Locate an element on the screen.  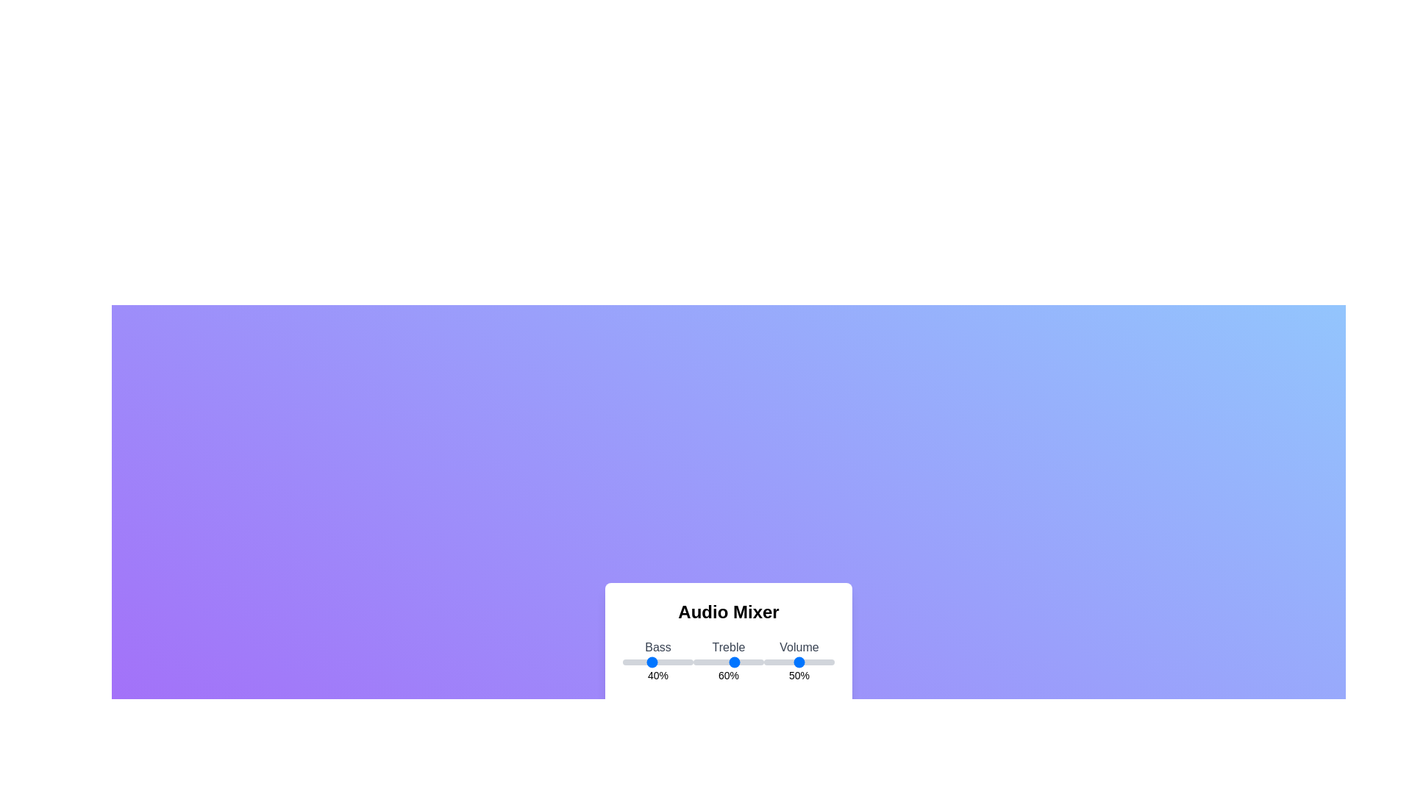
the volume slider to 50% is located at coordinates (798, 662).